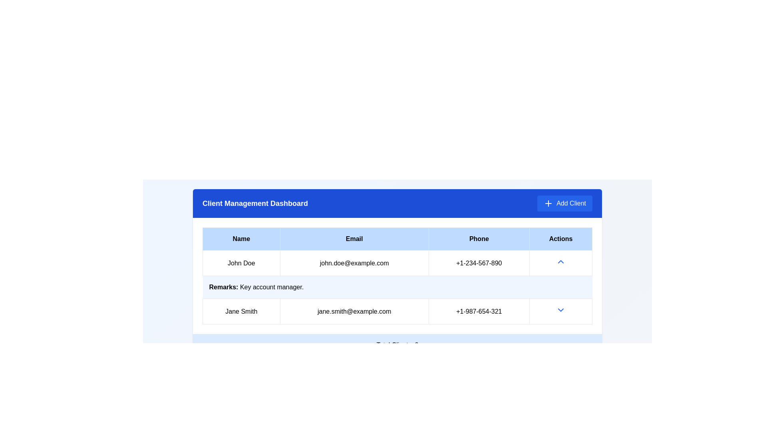  What do you see at coordinates (354, 263) in the screenshot?
I see `the Text Display element that shows the email address for user 'John Doe', located in the center column of the row between 'Name' and 'Phone'` at bounding box center [354, 263].